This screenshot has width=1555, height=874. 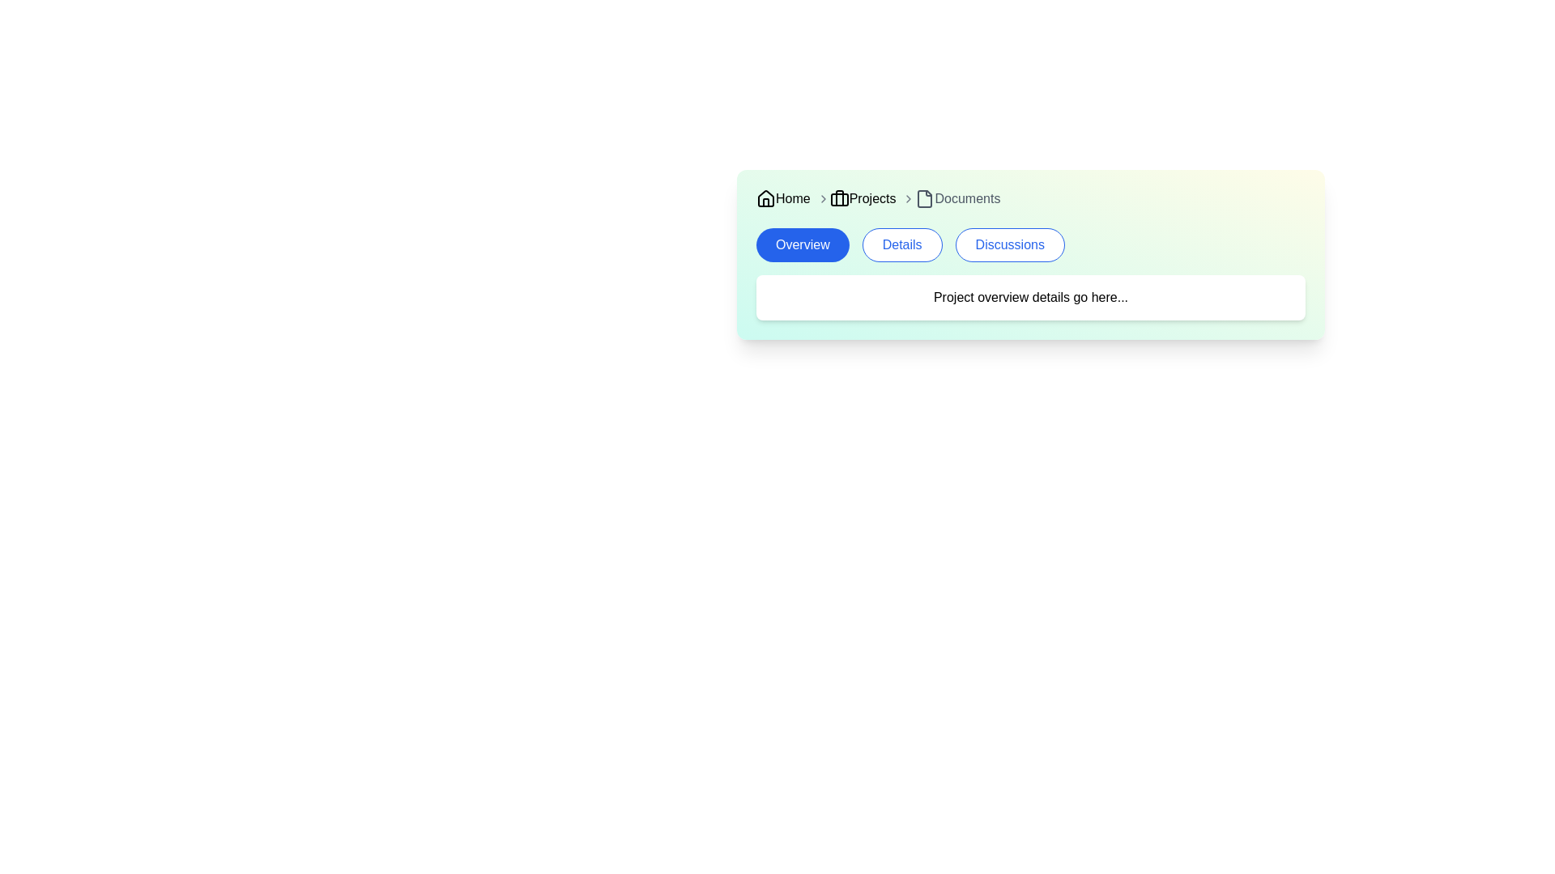 I want to click on the 'Details' button, which is a rounded rectangular button with a white background and blue border, located between the 'Overview' and 'Discussions' buttons in the navigation bar, so click(x=901, y=245).